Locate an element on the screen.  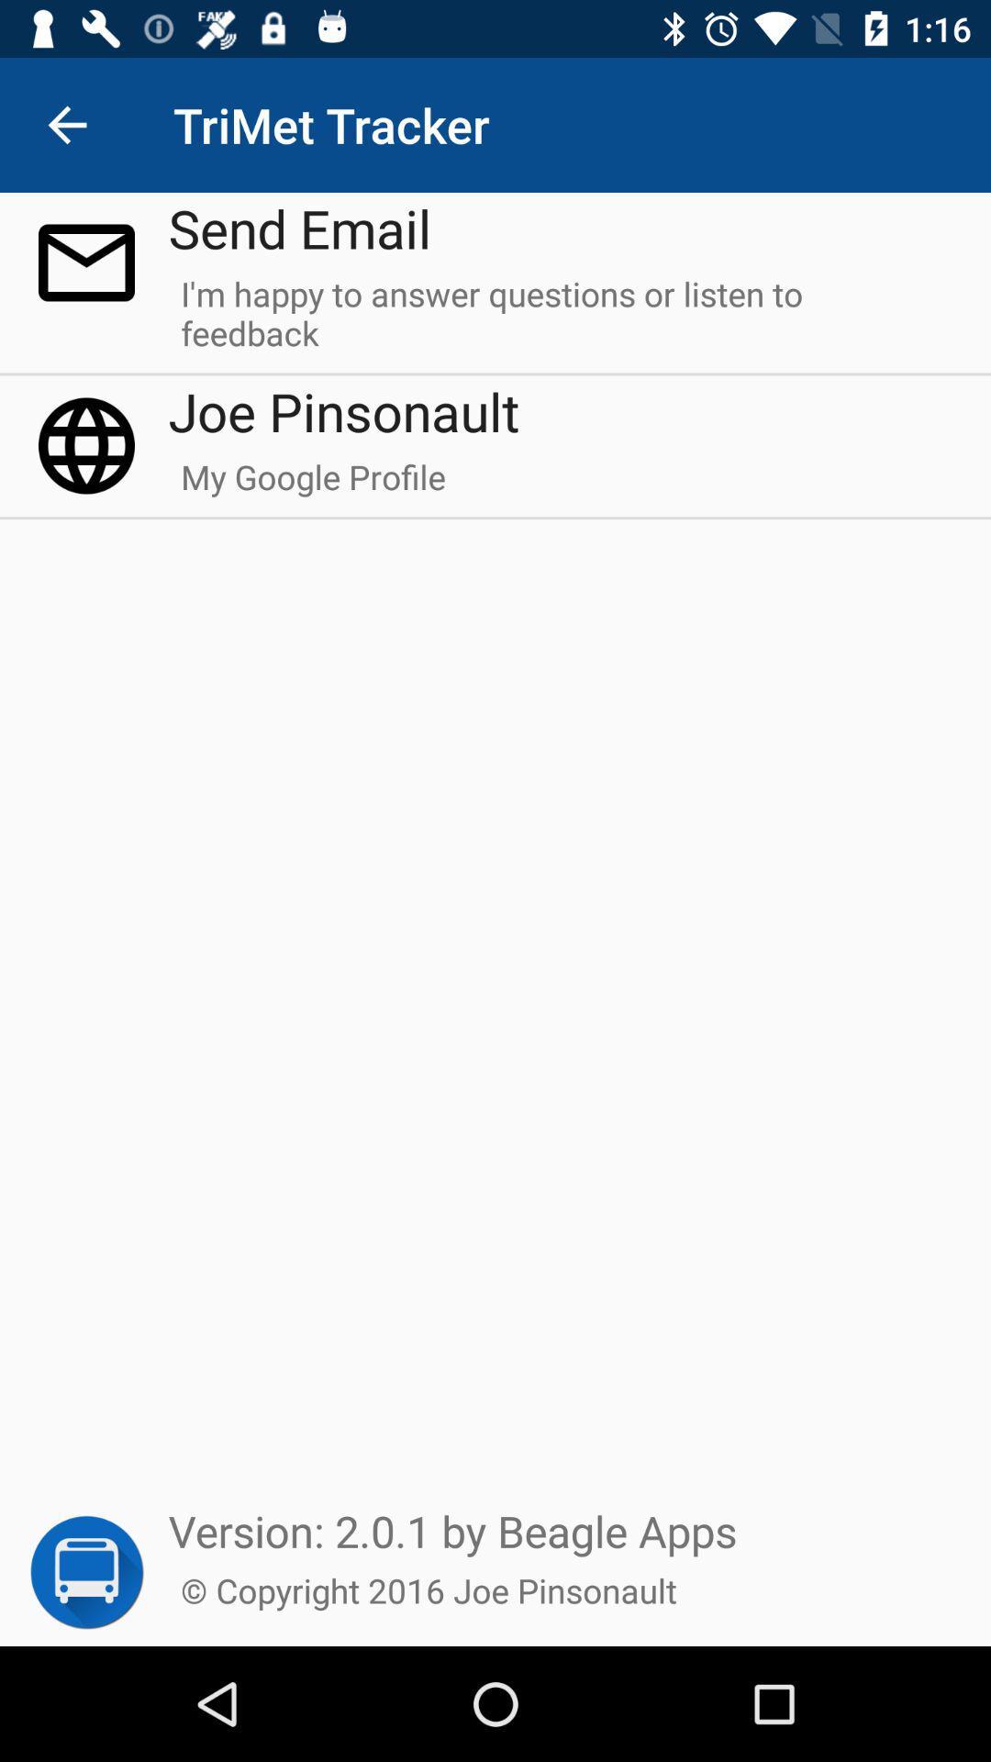
the my google profile is located at coordinates (312, 485).